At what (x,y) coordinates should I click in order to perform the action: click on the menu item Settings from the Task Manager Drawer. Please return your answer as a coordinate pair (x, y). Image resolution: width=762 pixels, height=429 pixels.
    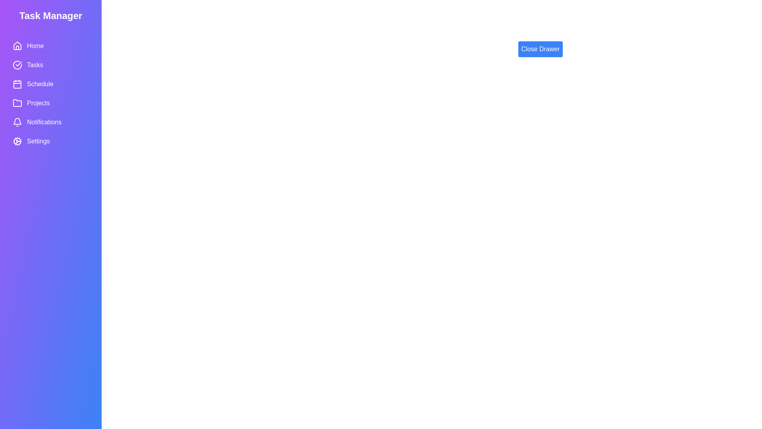
    Looking at the image, I should click on (50, 141).